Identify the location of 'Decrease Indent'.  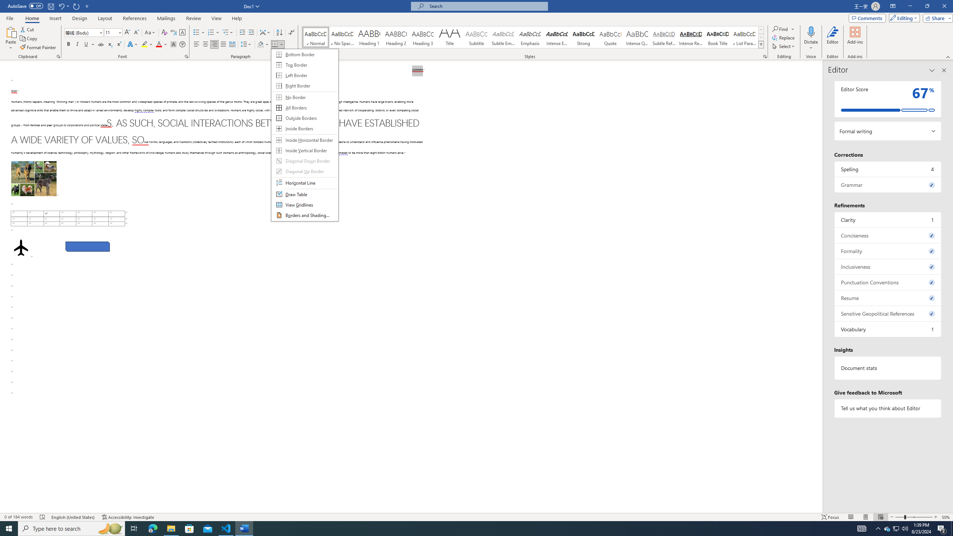
(242, 32).